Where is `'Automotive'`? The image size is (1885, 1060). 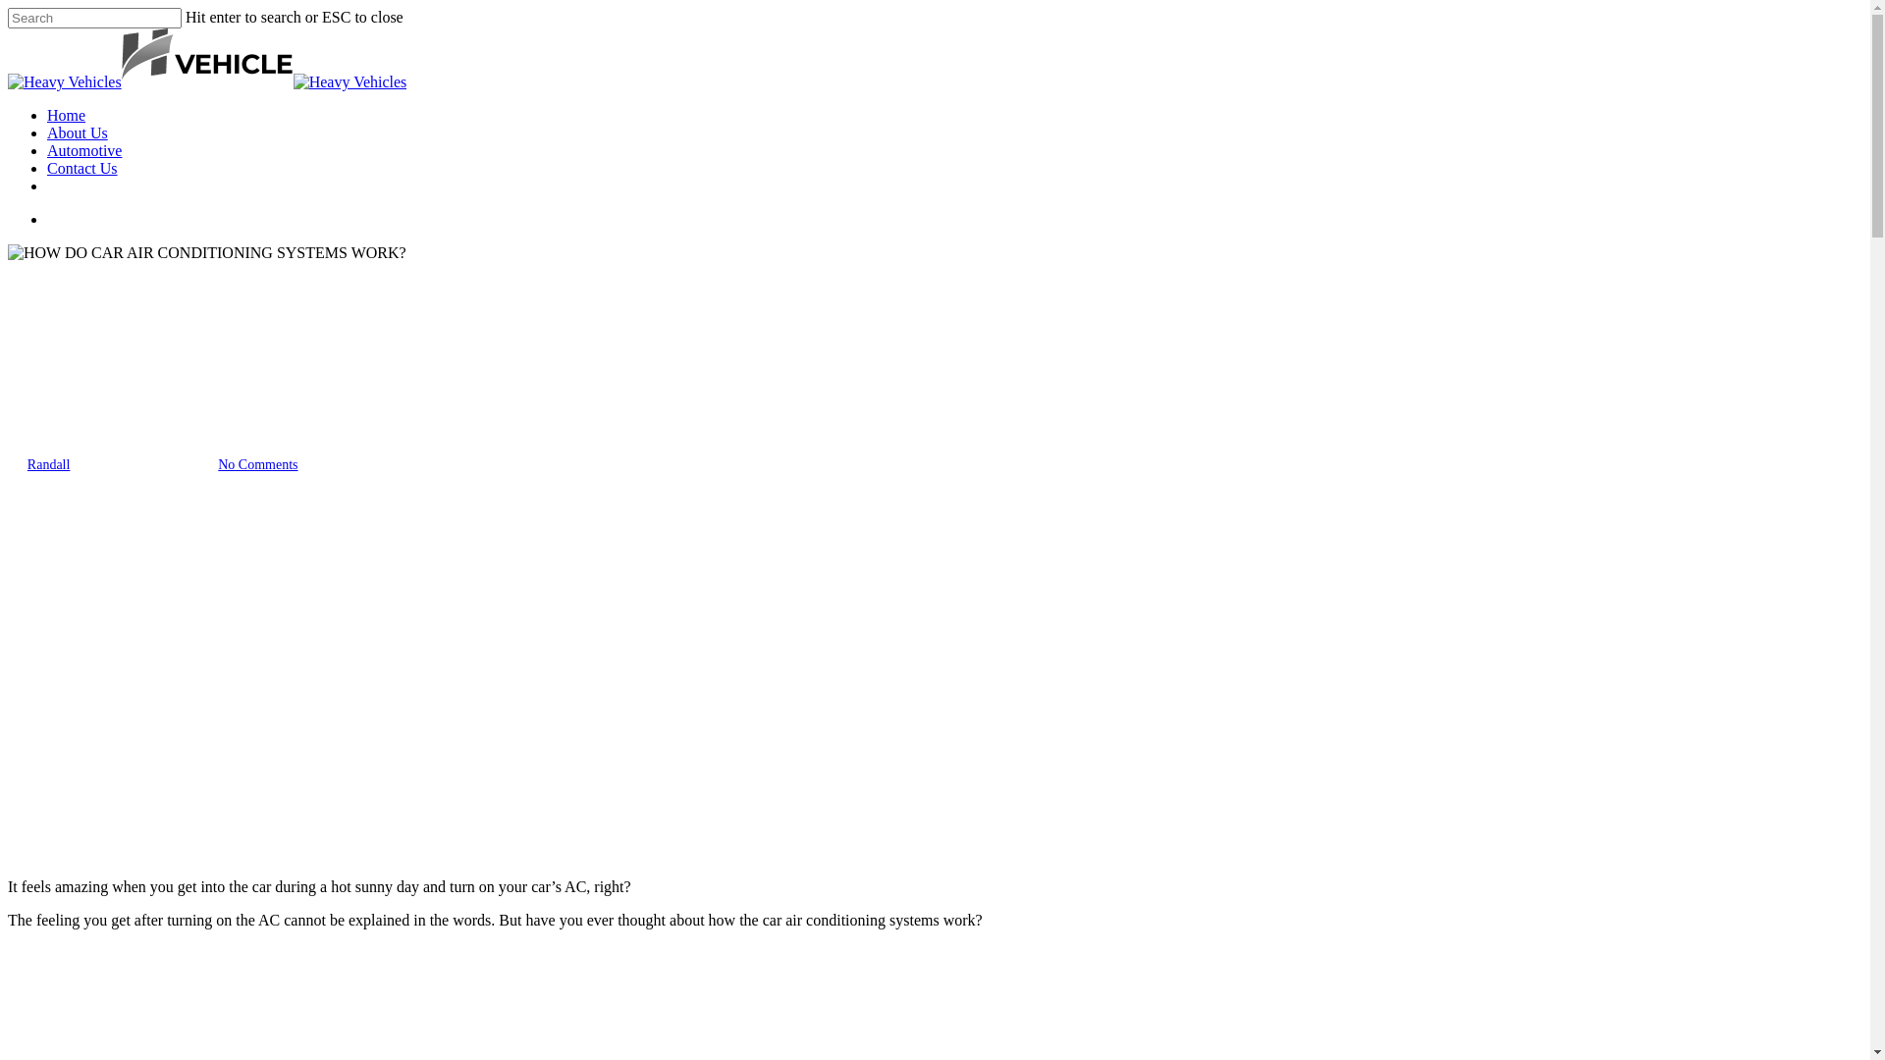
'Automotive' is located at coordinates (45, 370).